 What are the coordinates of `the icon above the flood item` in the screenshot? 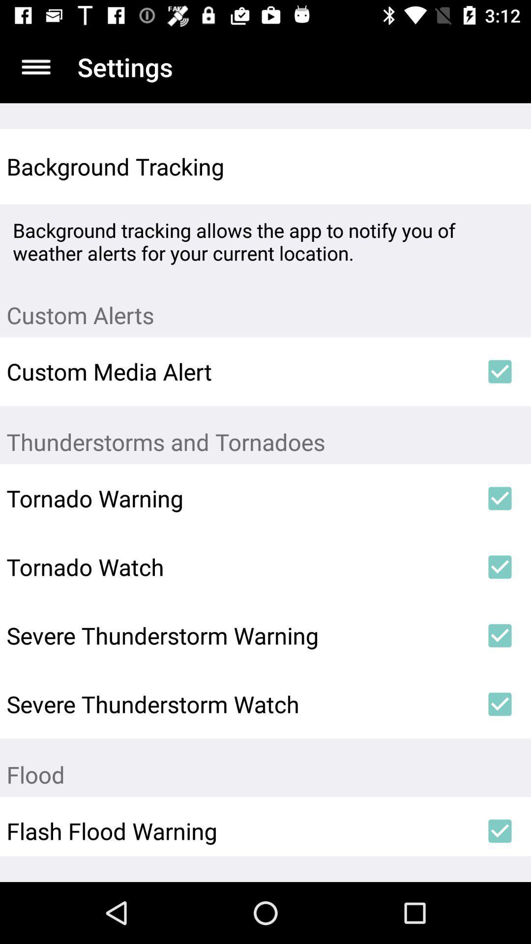 It's located at (500, 704).